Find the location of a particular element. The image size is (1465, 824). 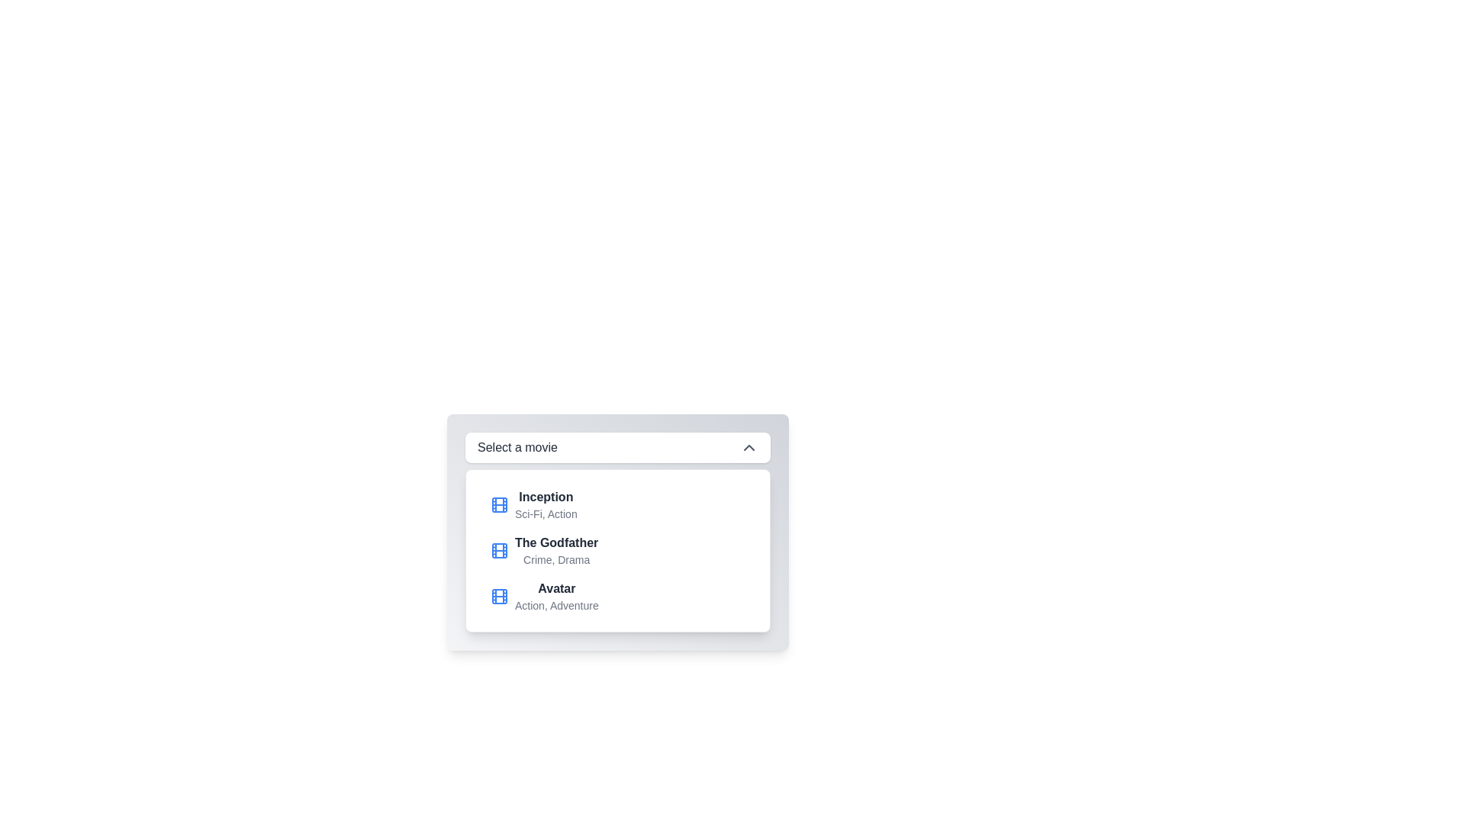

the text label displaying the genres associated with the movie 'Inception', positioned below the movie title and aligned horizontally with it is located at coordinates (546, 514).